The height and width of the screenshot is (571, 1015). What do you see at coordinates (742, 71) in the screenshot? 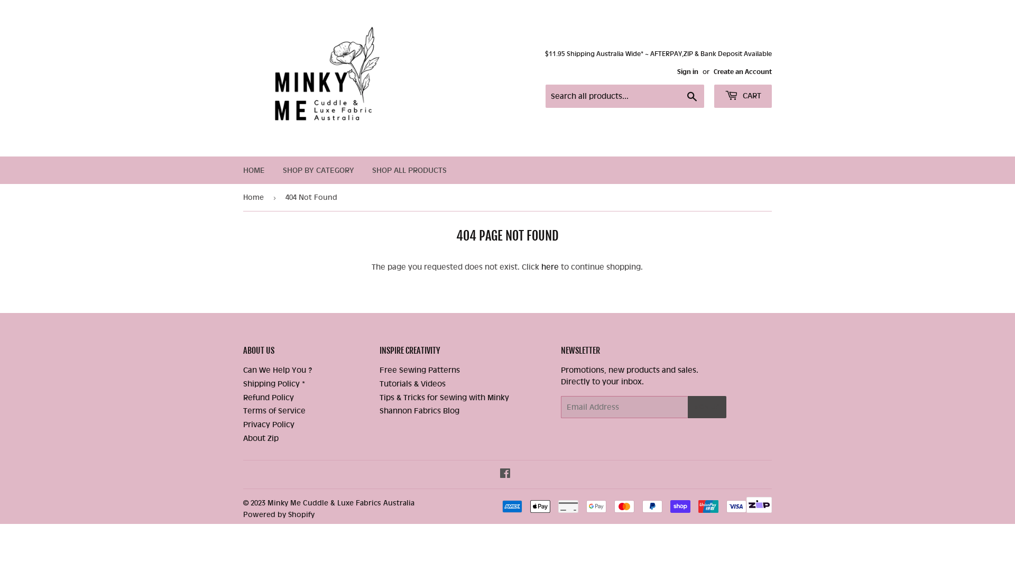
I see `'Create an Account'` at bounding box center [742, 71].